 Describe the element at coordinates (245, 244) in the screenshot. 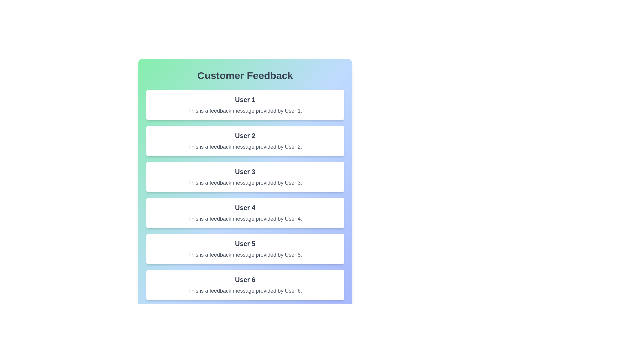

I see `the 'User 5' text label, which is styled in bold and large font, located at the top of the feedback message box in the 'Customer Feedback' list` at that location.